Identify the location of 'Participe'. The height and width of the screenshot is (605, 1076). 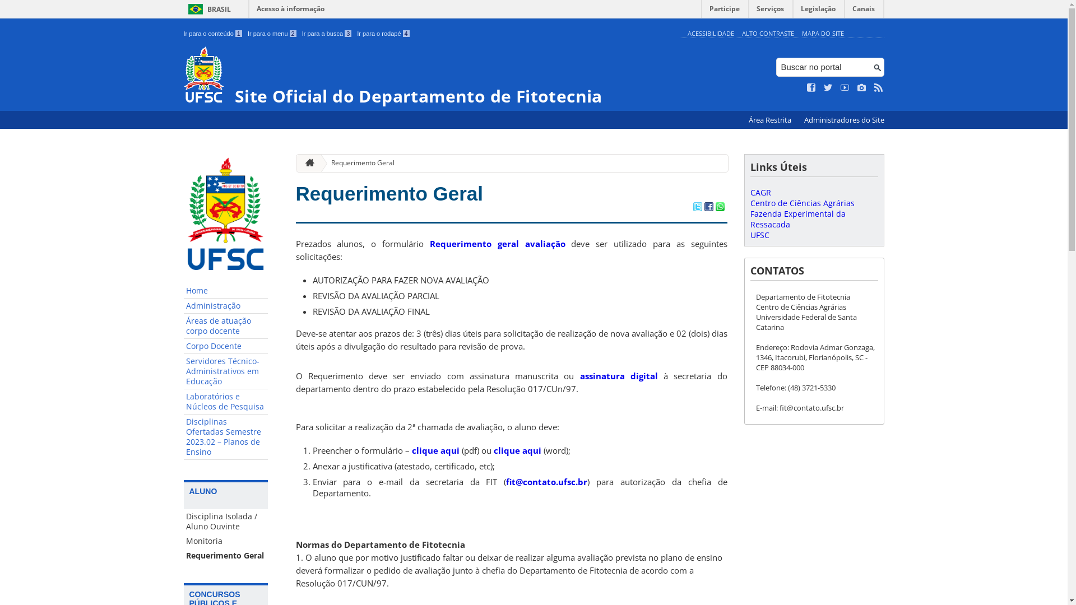
(724, 11).